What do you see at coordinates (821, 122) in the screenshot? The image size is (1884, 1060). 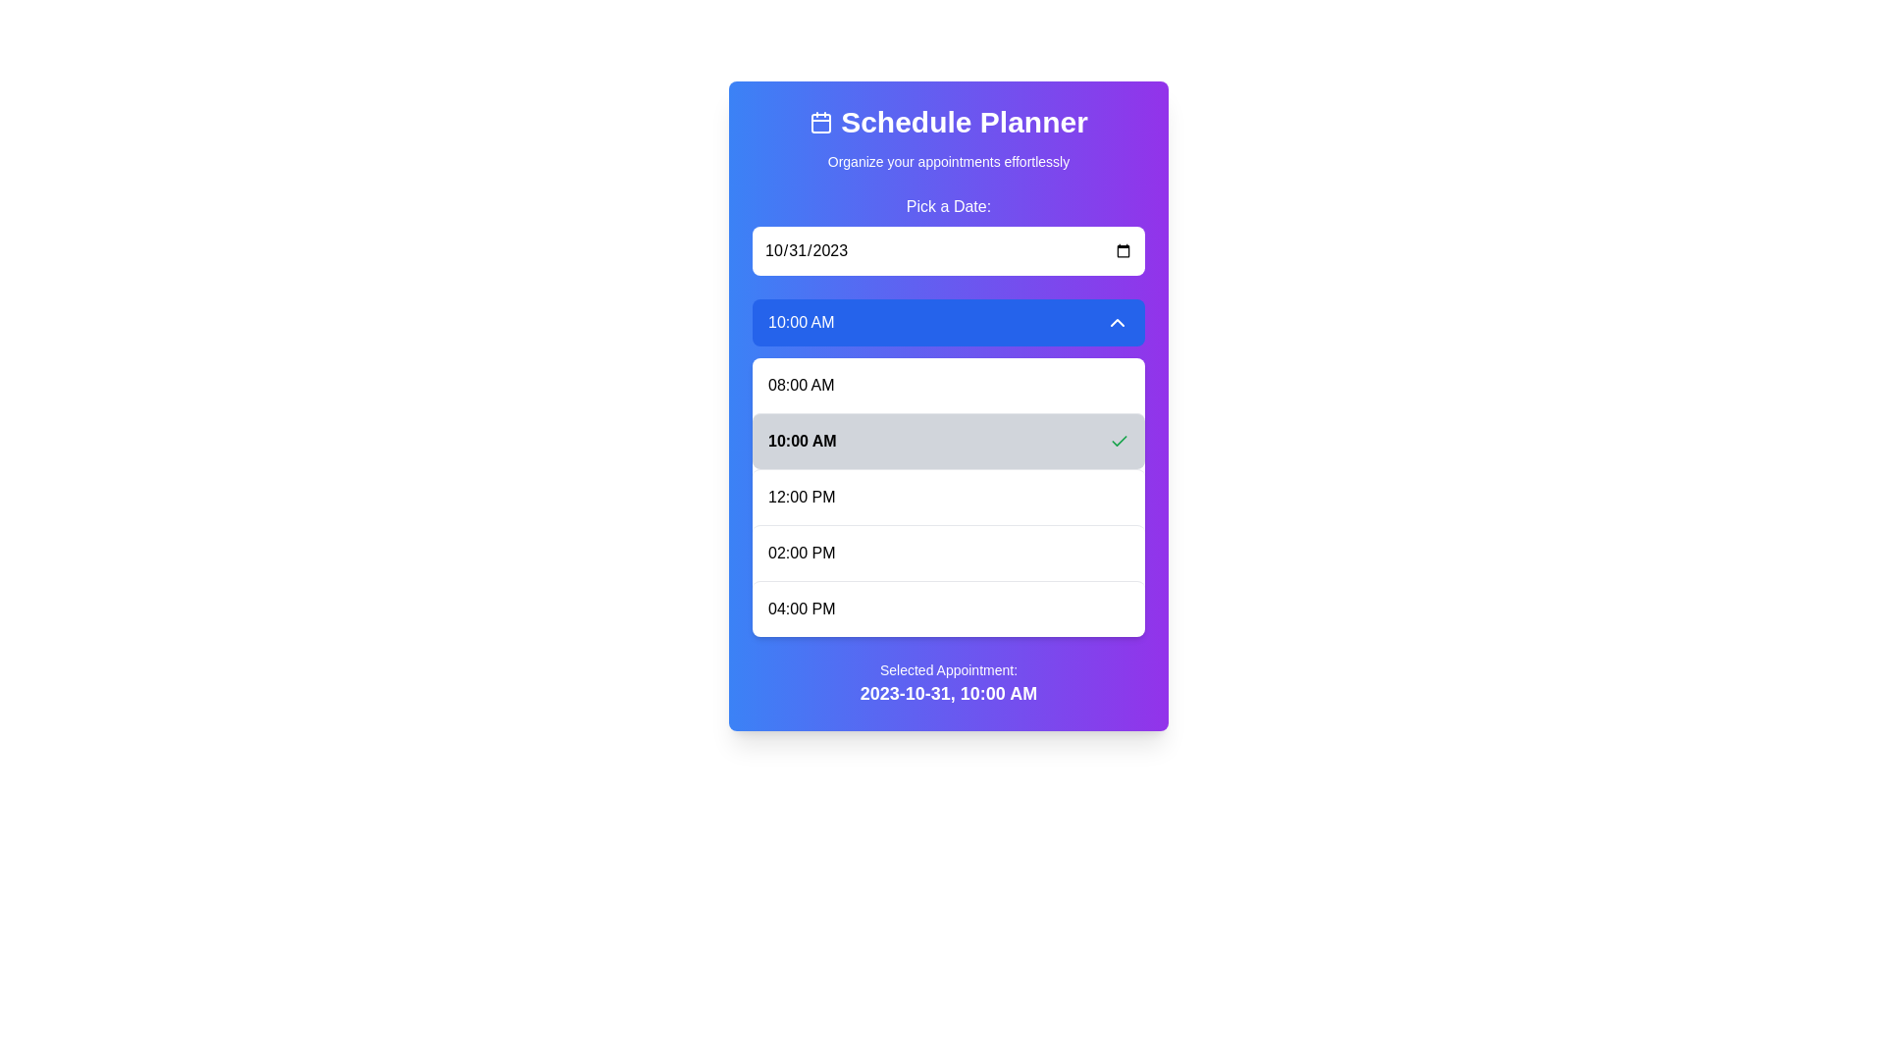 I see `the decorative icon for the 'Schedule Planner' header, which is located to the left of the text and aligns with the main title` at bounding box center [821, 122].